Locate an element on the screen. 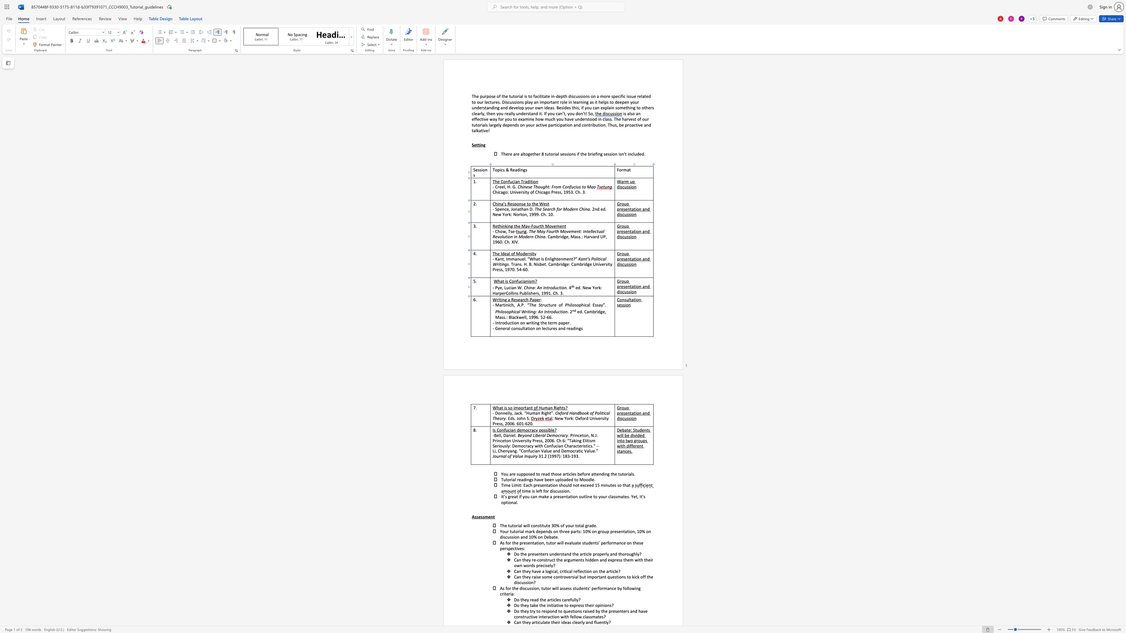  the space between the continuous character "1" and "9" in the text is located at coordinates (543, 293).